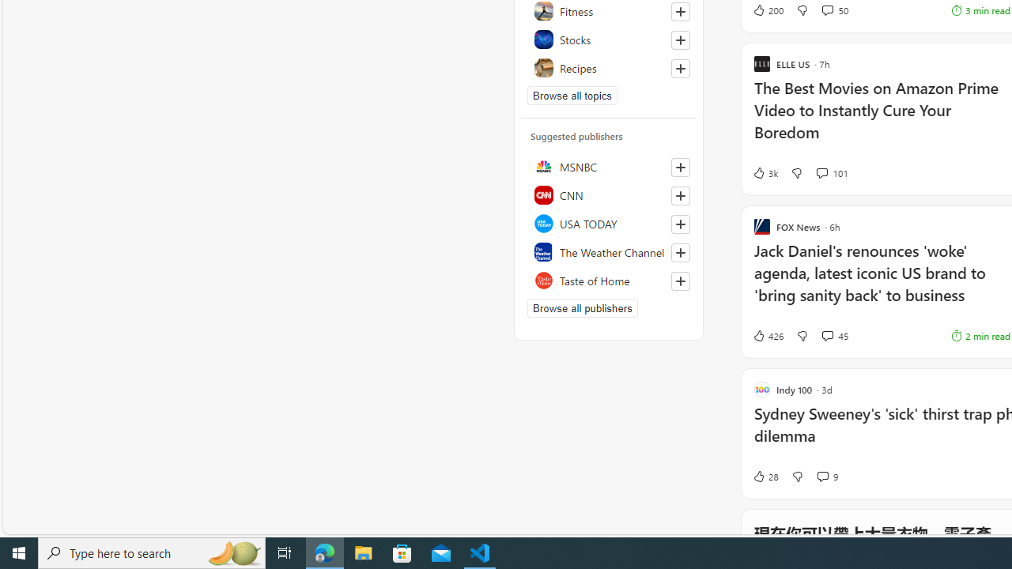 The image size is (1012, 569). Describe the element at coordinates (608, 223) in the screenshot. I see `'USA TODAY'` at that location.